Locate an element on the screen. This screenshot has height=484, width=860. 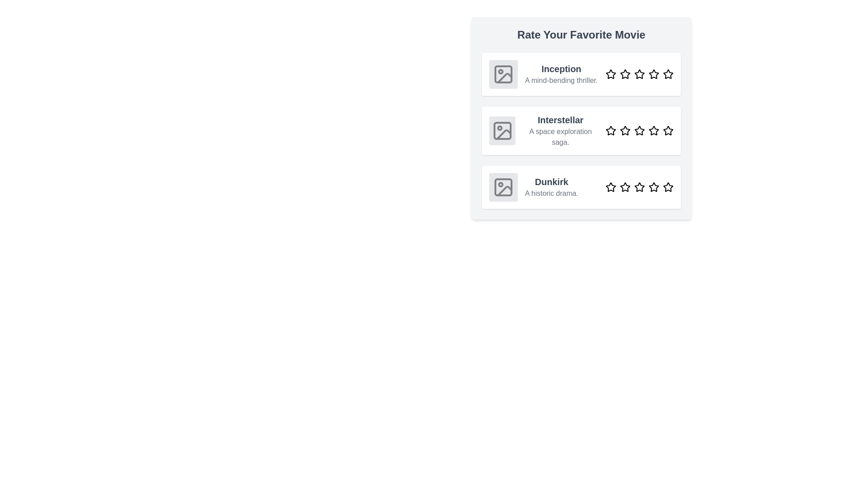
title and synopsis displayed for the movie 'Inception' in the top card of the movie list is located at coordinates (561, 73).